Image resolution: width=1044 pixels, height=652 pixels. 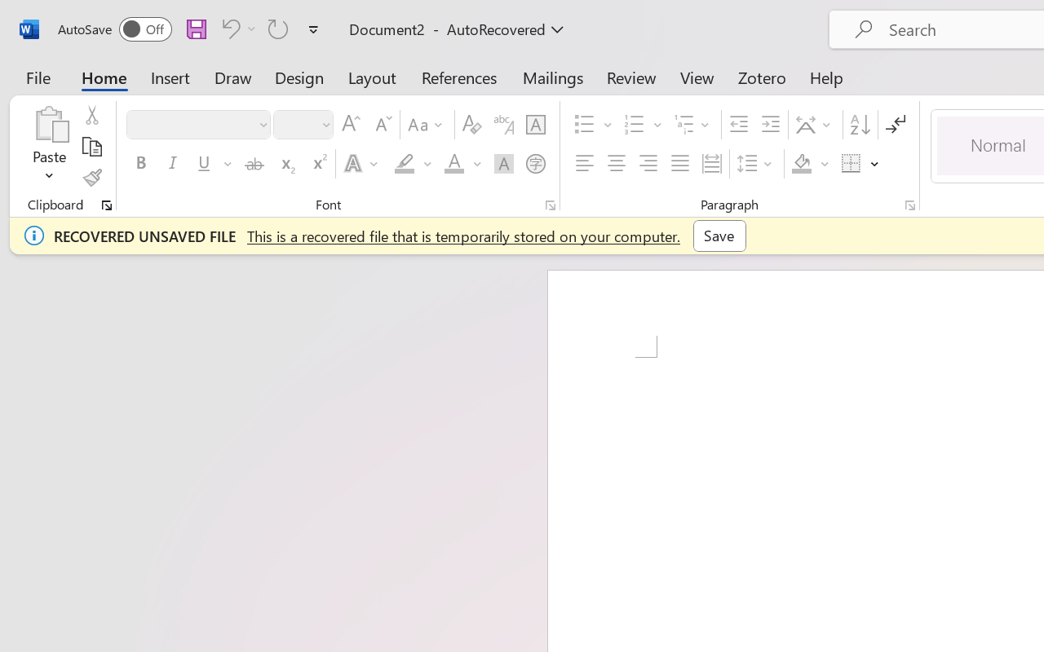 I want to click on 'Change Case', so click(x=427, y=125).